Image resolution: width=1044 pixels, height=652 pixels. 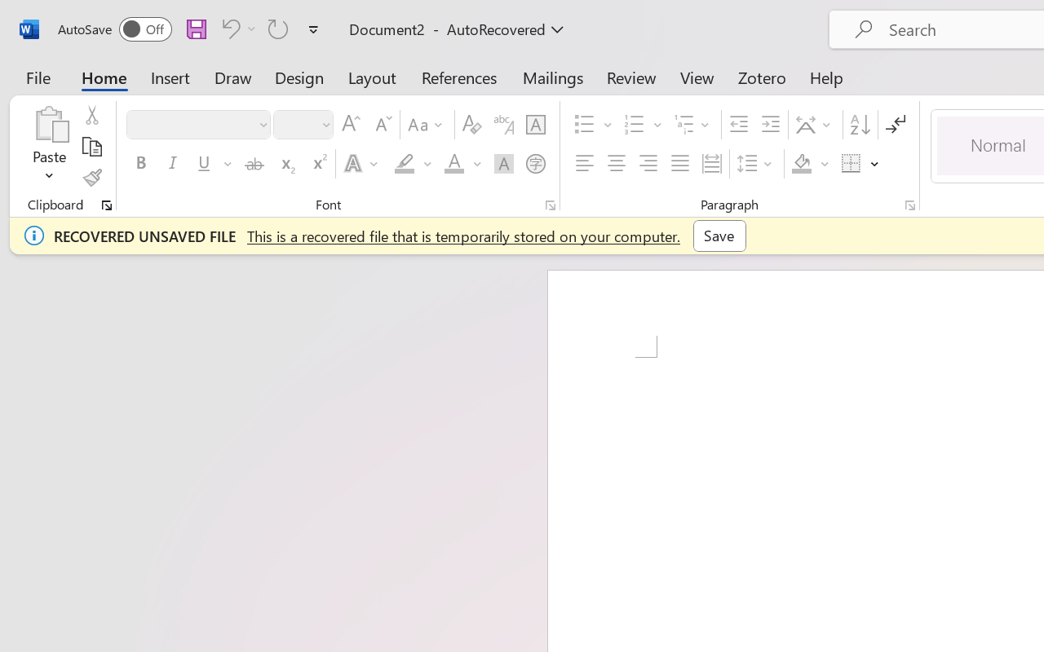 I want to click on 'Change Case', so click(x=427, y=125).